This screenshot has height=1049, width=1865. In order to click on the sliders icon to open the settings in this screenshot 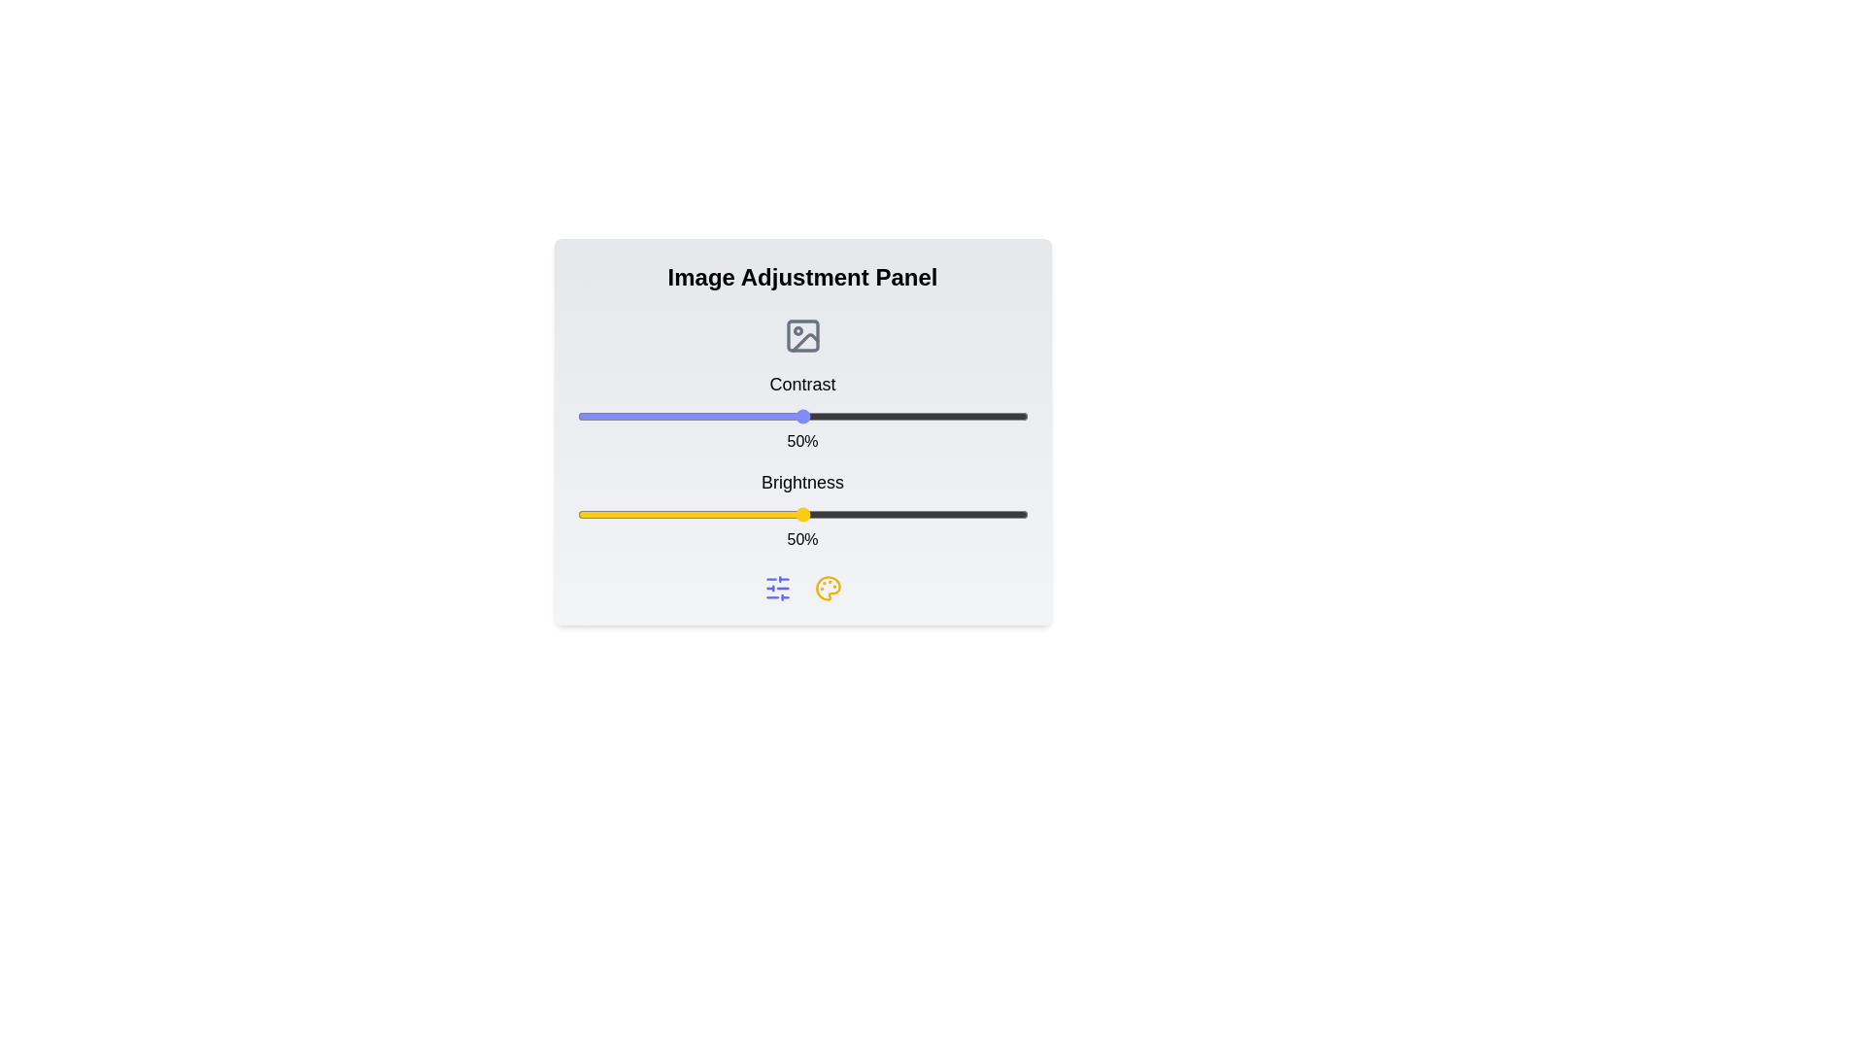, I will do `click(777, 587)`.